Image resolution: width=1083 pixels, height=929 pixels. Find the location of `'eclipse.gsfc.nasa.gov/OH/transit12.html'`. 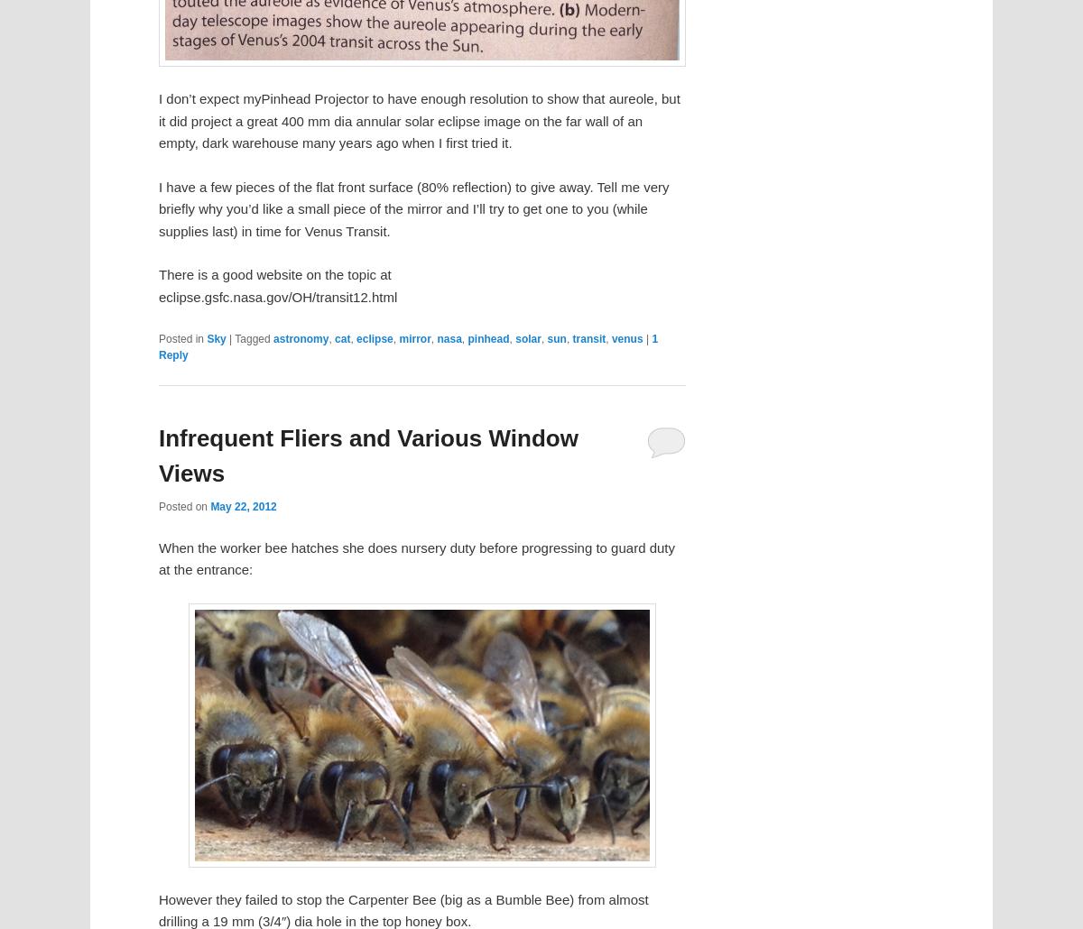

'eclipse.gsfc.nasa.gov/OH/transit12.html' is located at coordinates (278, 295).